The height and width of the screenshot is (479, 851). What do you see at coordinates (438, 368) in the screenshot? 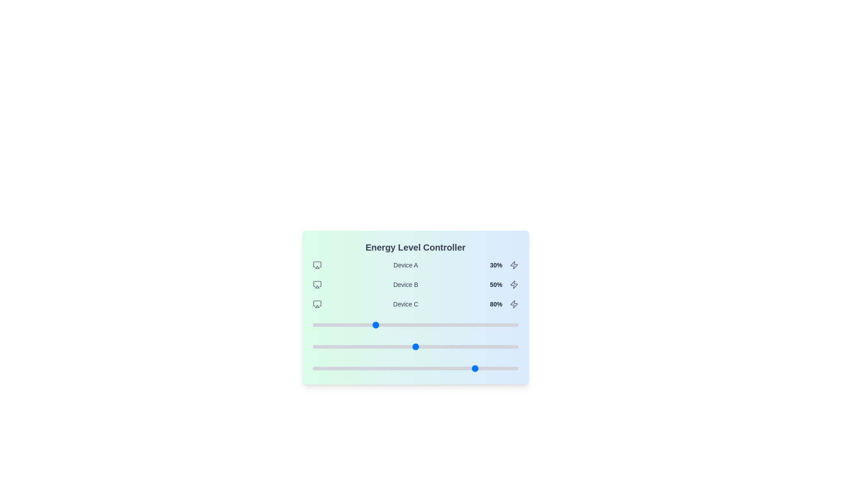
I see `the slider for Device C to set the energy level to 61%` at bounding box center [438, 368].